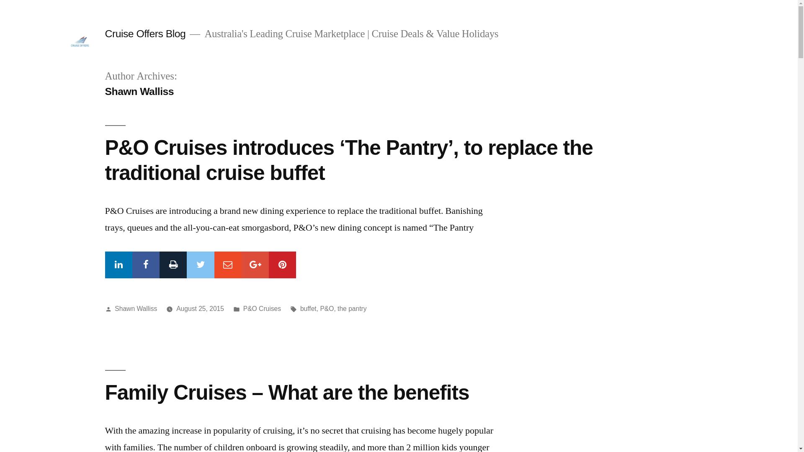  I want to click on 'Twitter', so click(186, 265).